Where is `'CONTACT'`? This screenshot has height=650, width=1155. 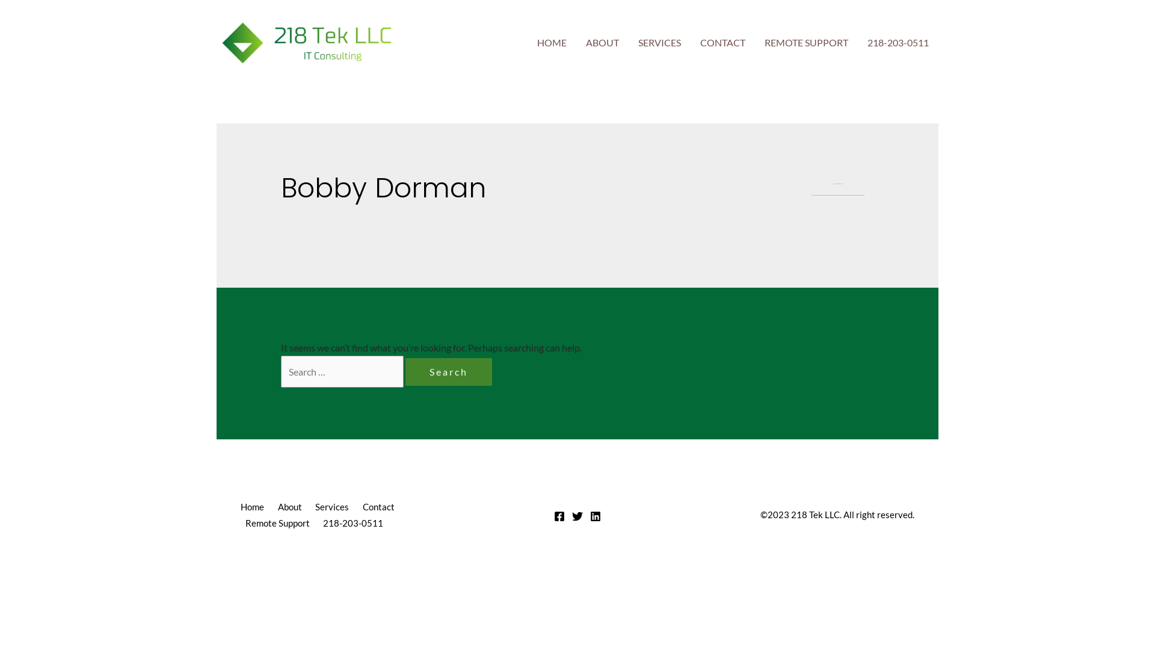
'CONTACT' is located at coordinates (722, 41).